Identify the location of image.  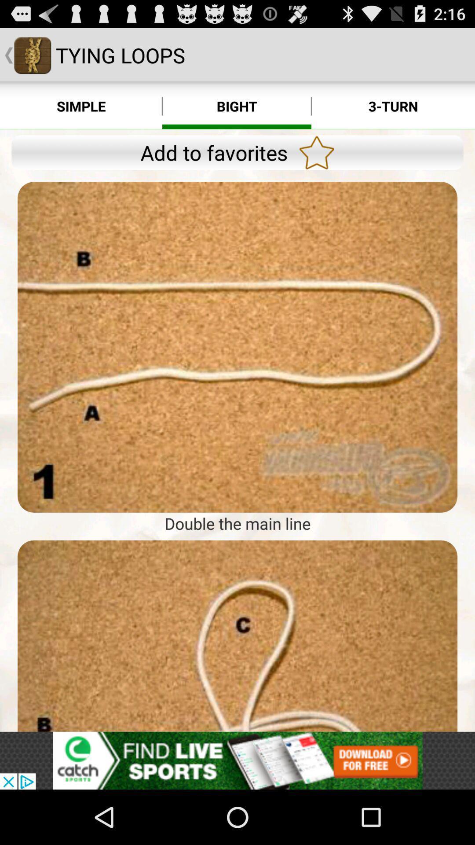
(237, 346).